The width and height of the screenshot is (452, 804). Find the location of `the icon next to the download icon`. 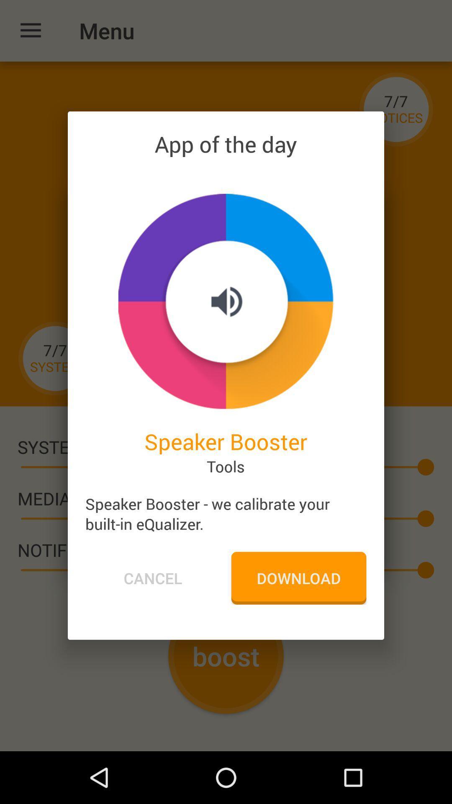

the icon next to the download icon is located at coordinates (153, 577).